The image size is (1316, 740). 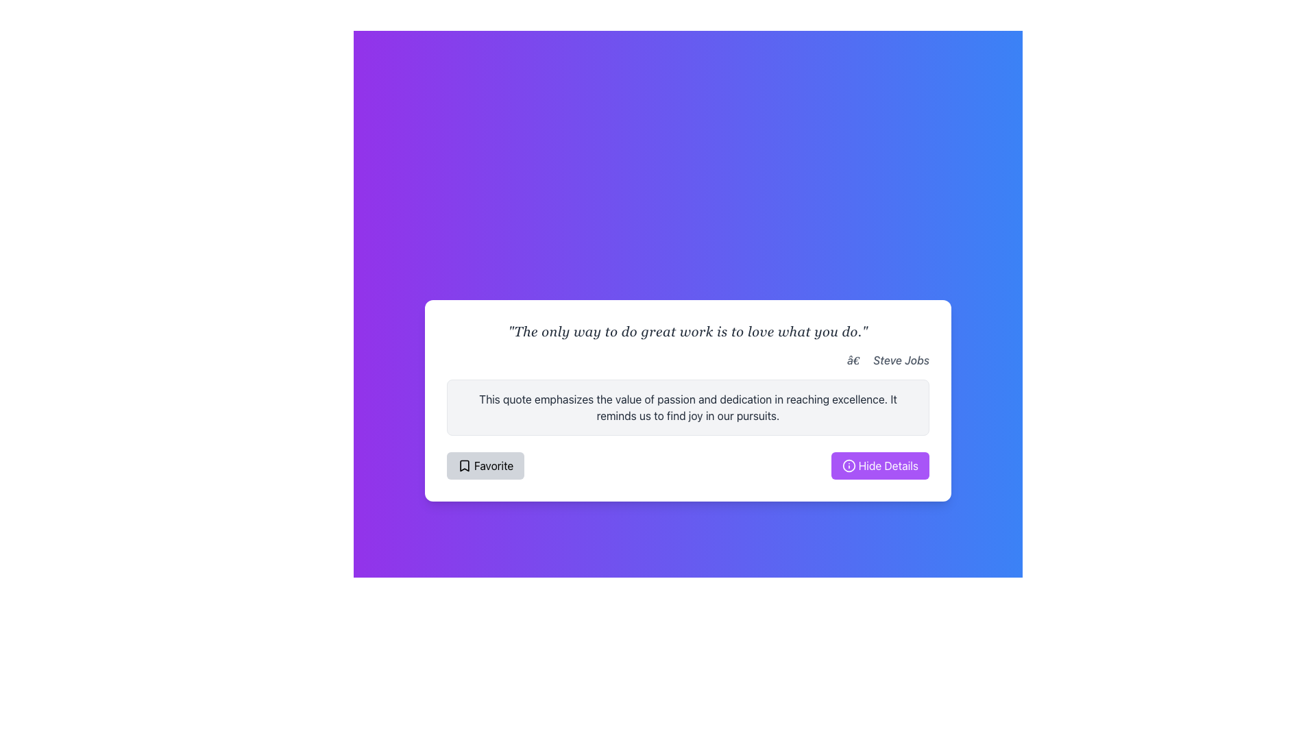 What do you see at coordinates (464, 465) in the screenshot?
I see `the 'Favorite' button icon, which visually represents bookmarking, for potential interaction` at bounding box center [464, 465].